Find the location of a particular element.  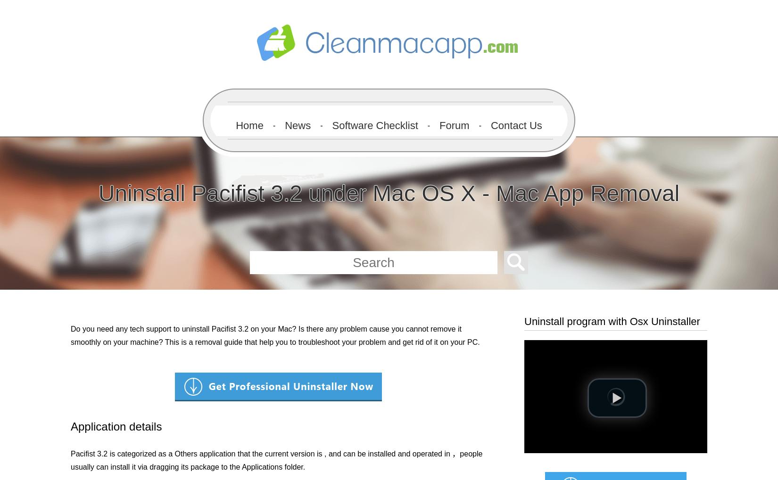

'News' is located at coordinates (297, 125).